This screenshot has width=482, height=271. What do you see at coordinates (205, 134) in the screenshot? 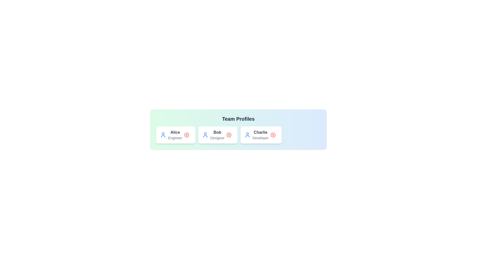
I see `the user icon associated with the profile Bob` at bounding box center [205, 134].